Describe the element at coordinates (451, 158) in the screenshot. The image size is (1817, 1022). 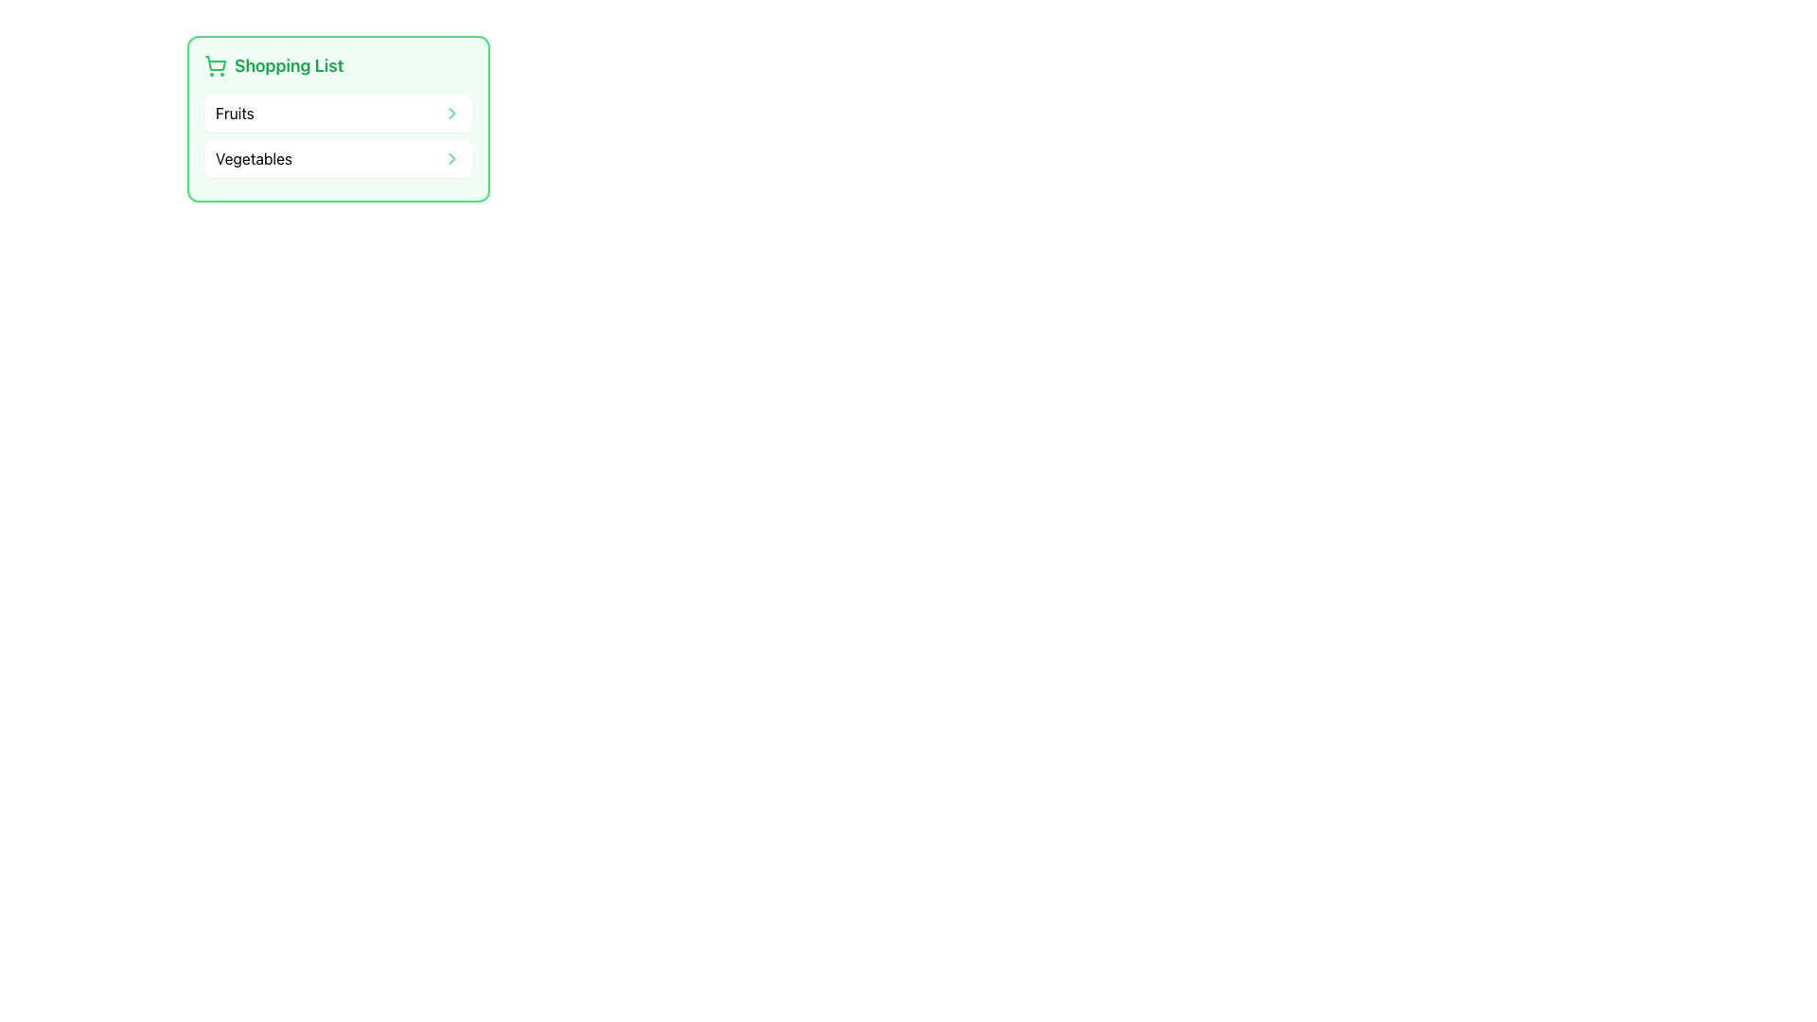
I see `the small triangular-shaped arrow pointing right, located within the clickable area of the 'Vegetables' label in the second row of the 'Shopping List' card` at that location.